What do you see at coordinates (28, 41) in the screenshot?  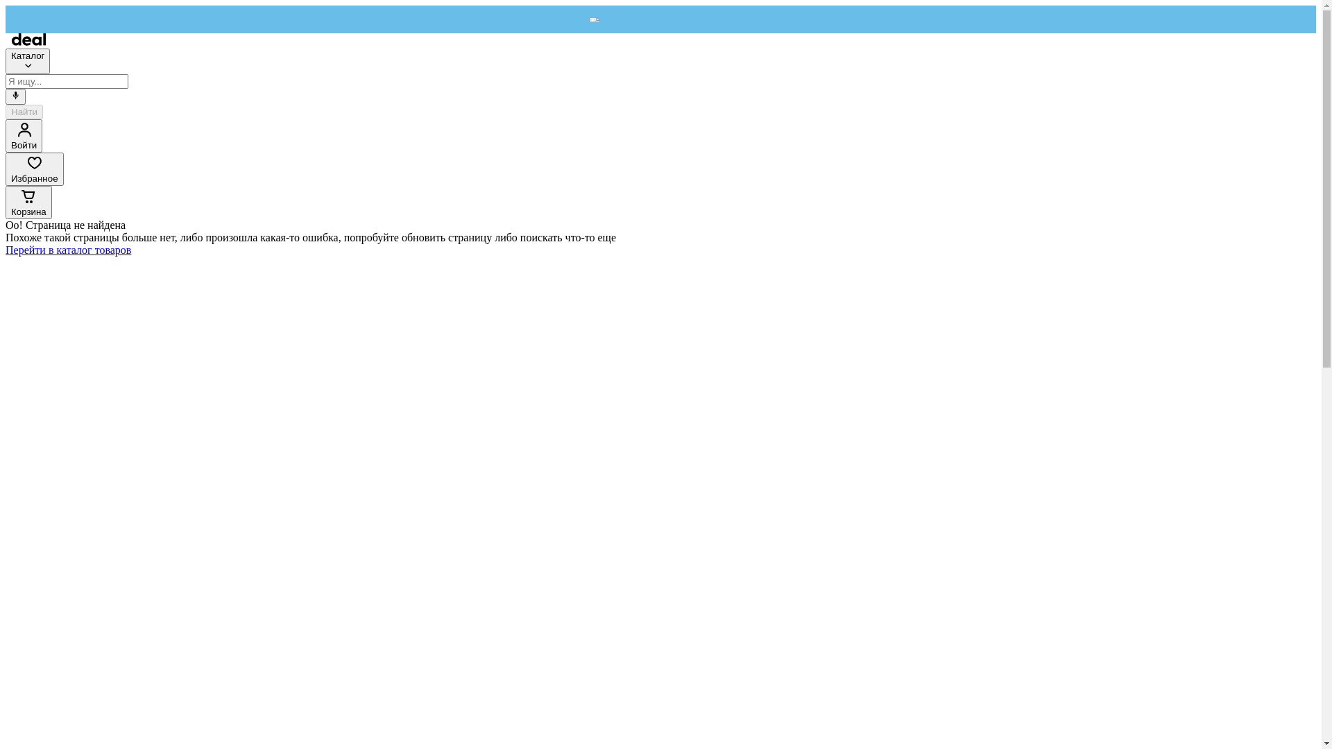 I see `'deal.by'` at bounding box center [28, 41].